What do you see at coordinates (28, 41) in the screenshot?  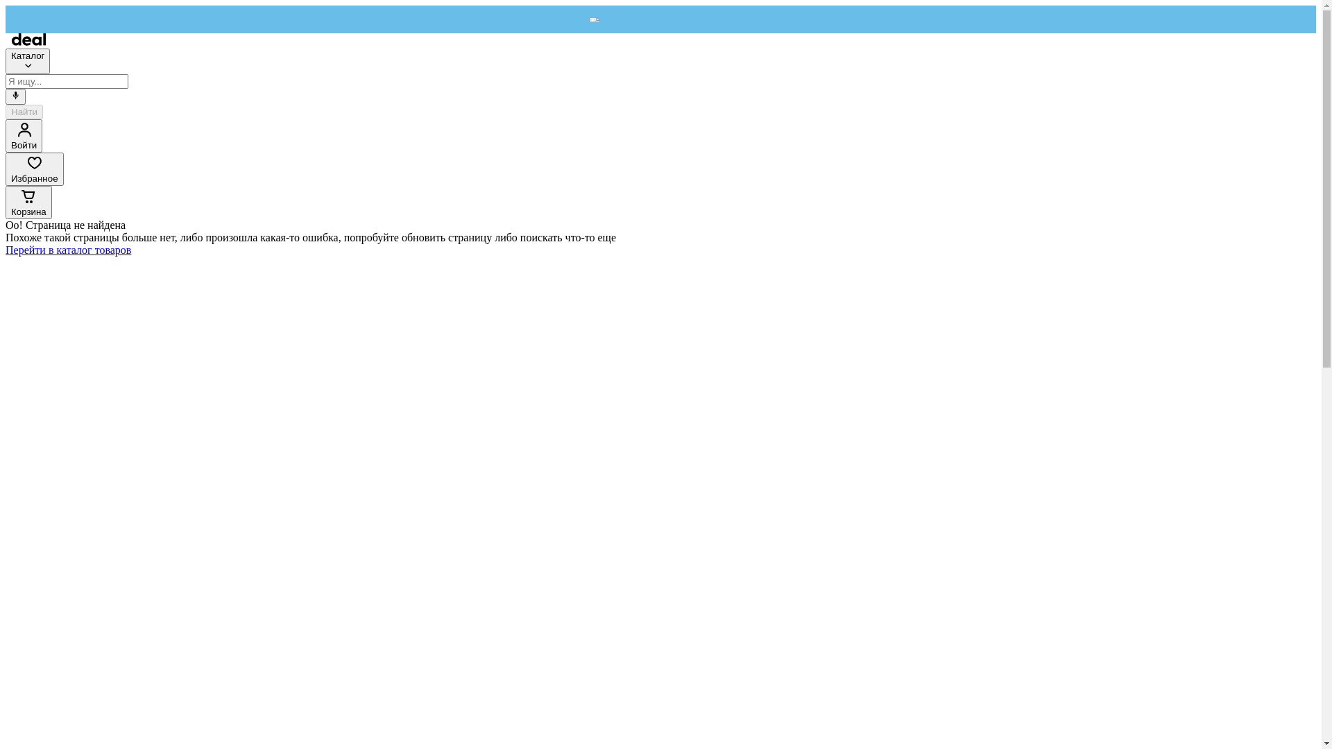 I see `'deal.by'` at bounding box center [28, 41].